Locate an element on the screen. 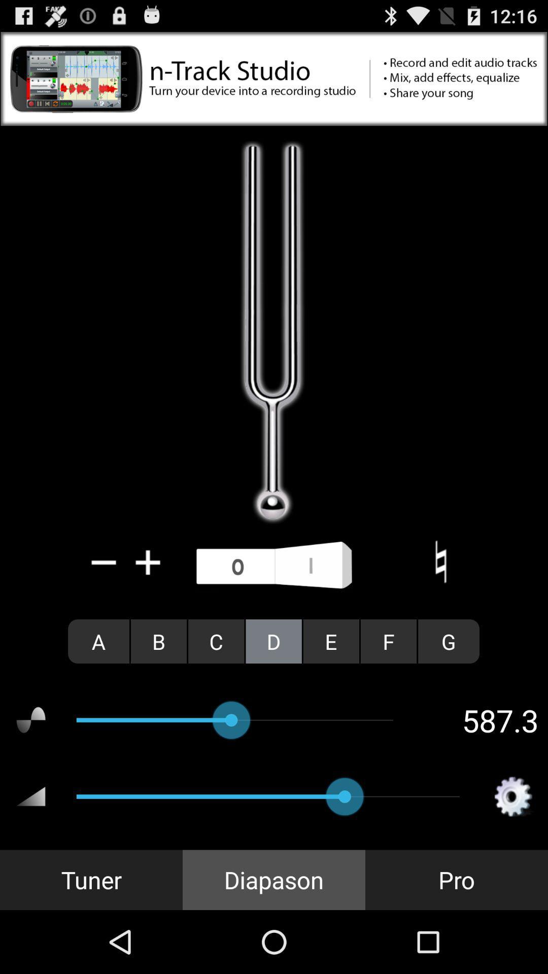 The image size is (548, 974). radio button to the right of the a item is located at coordinates (159, 641).